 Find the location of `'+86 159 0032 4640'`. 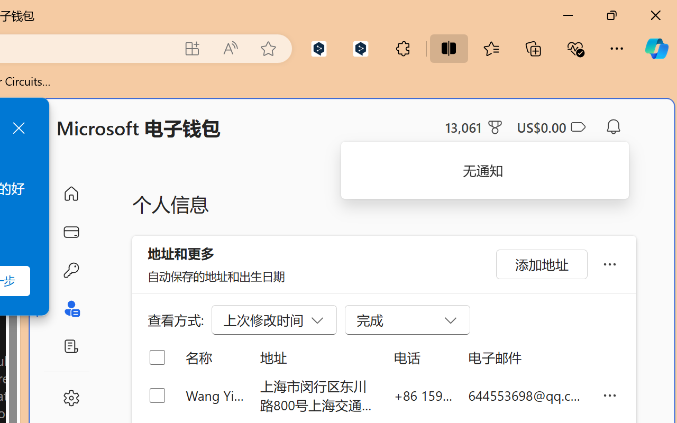

'+86 159 0032 4640' is located at coordinates (423, 395).